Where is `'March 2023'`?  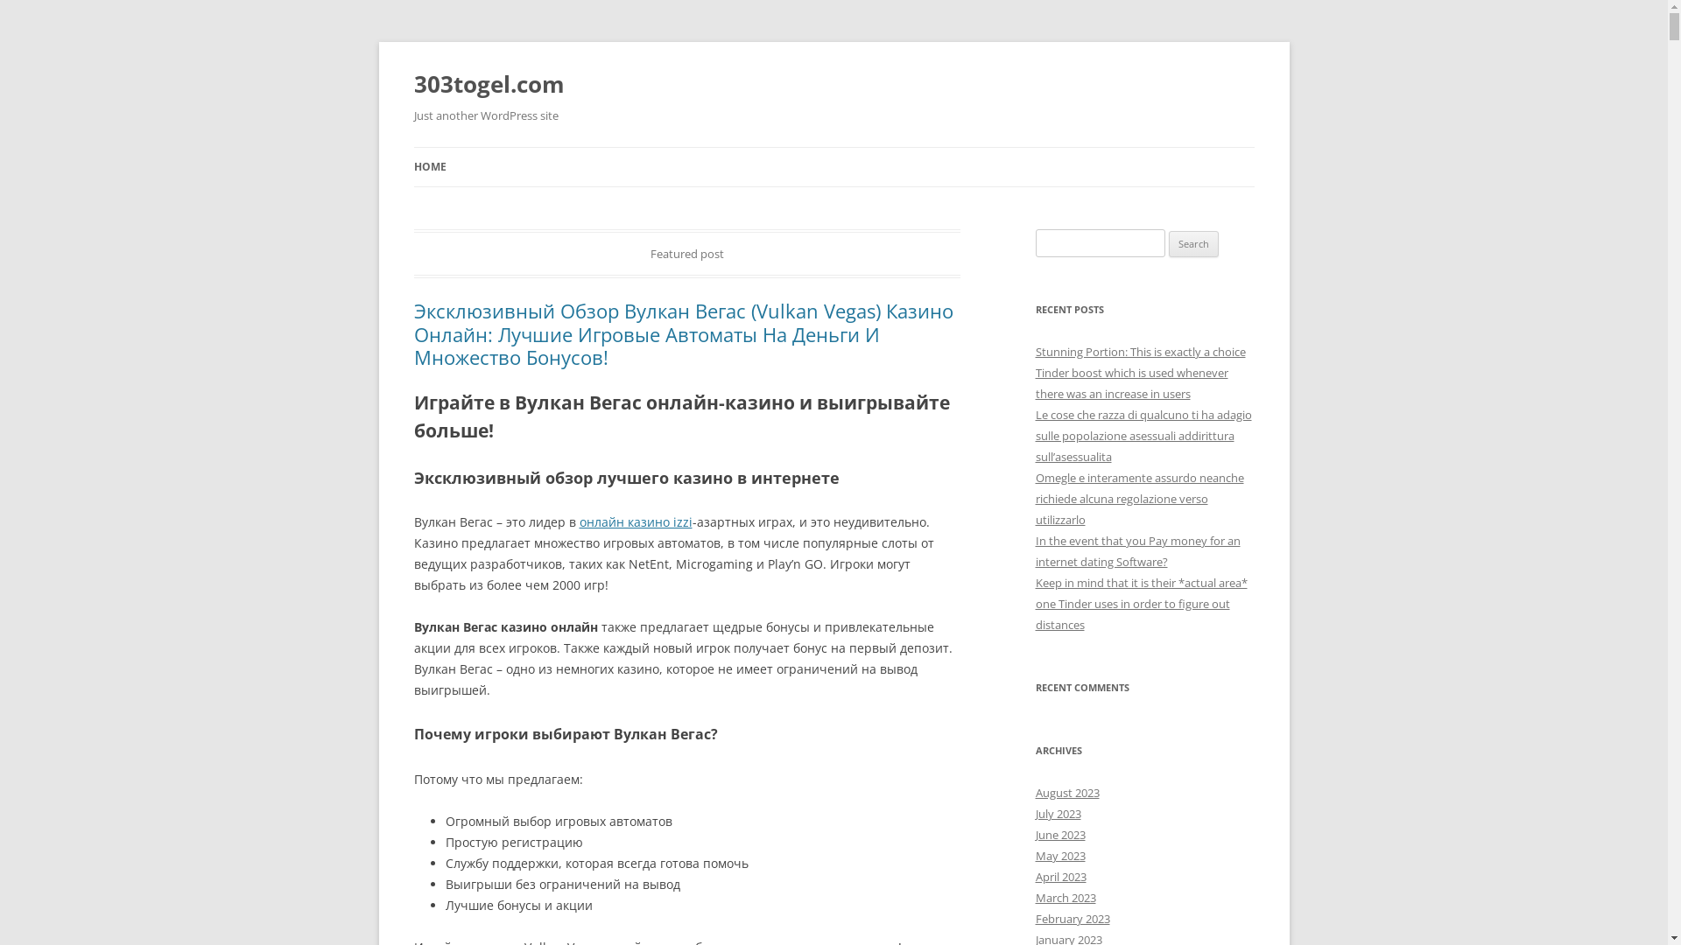 'March 2023' is located at coordinates (1034, 898).